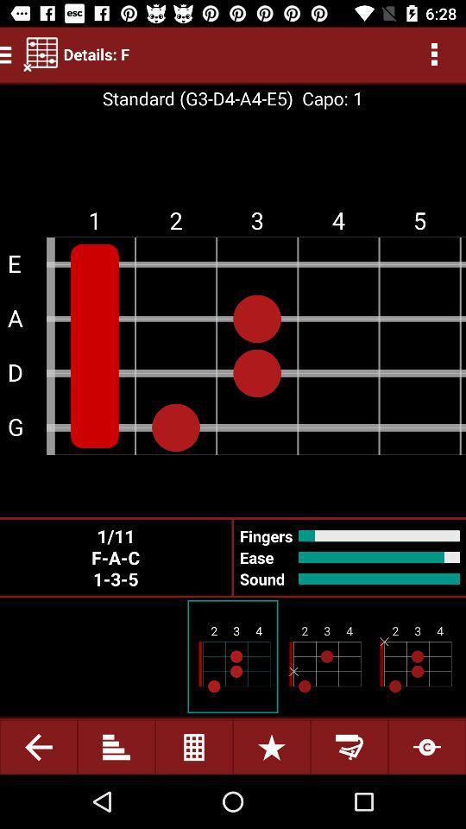 This screenshot has height=829, width=466. What do you see at coordinates (328, 98) in the screenshot?
I see `the icon to the right of the standard g3 d4 item` at bounding box center [328, 98].